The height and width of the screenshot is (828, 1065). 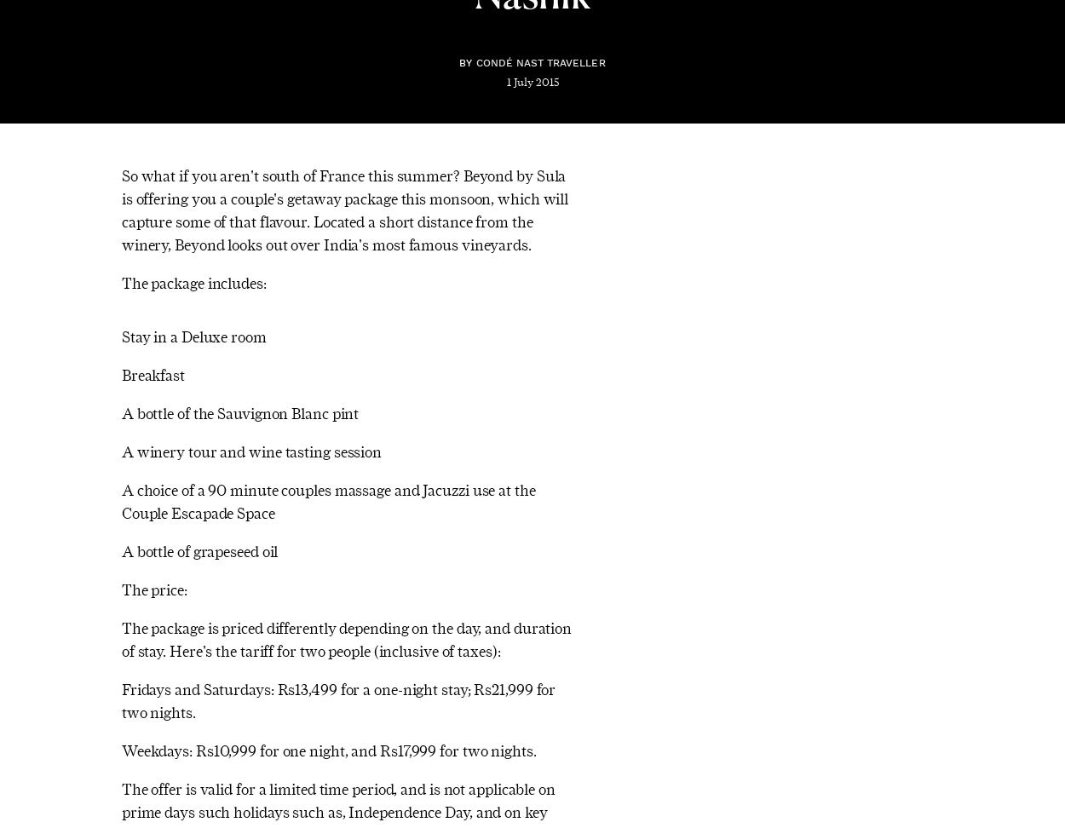 What do you see at coordinates (251, 451) in the screenshot?
I see `'A winery tour and wine tasting session'` at bounding box center [251, 451].